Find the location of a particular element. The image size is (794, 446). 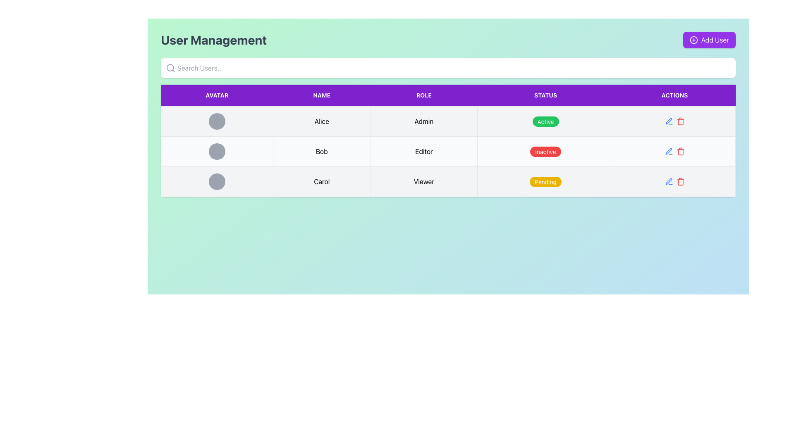

the 'Pending' status label for the user 'Carol' located in the 'Status' column of the last row in the table is located at coordinates (545, 181).